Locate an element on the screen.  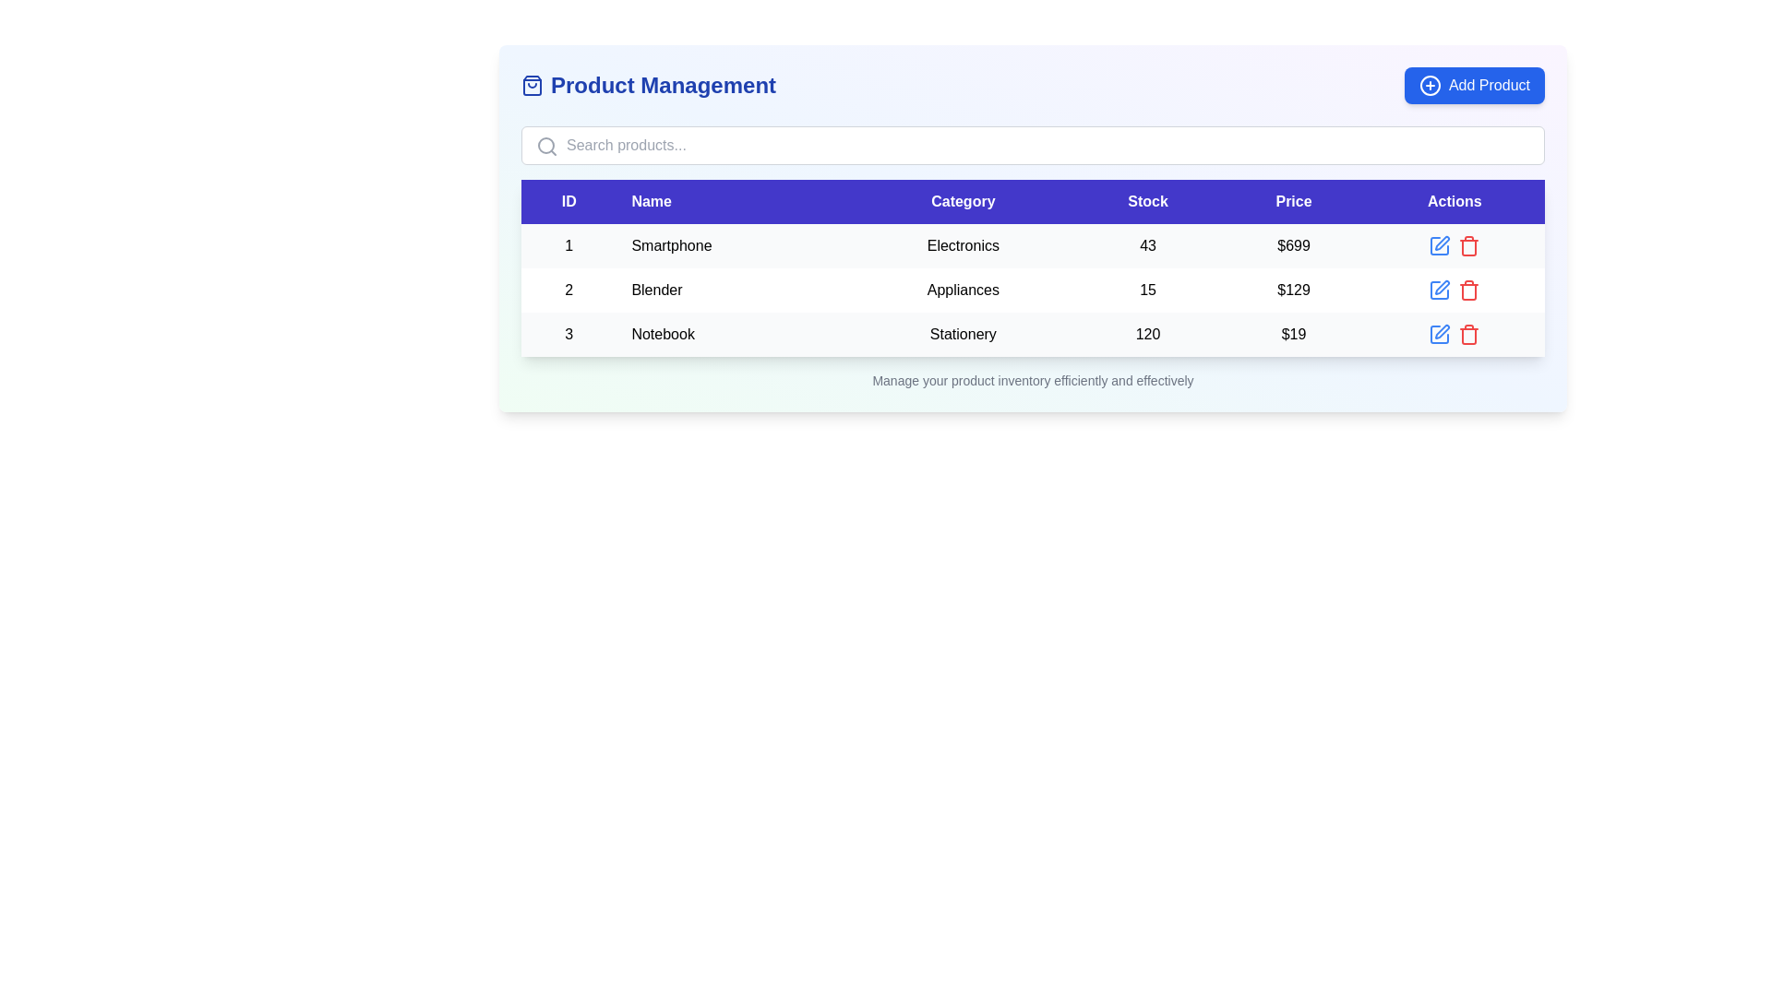
the edit icon located in the 'Actions' column of the table row labeled 'Notebook' to invoke the edit action is located at coordinates (1442, 242).